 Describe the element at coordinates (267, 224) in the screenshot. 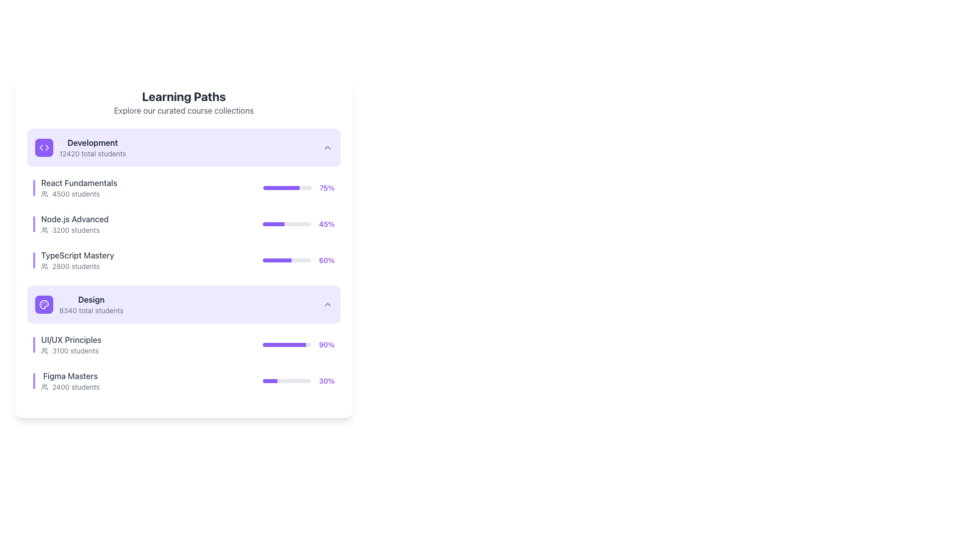

I see `progress` at that location.